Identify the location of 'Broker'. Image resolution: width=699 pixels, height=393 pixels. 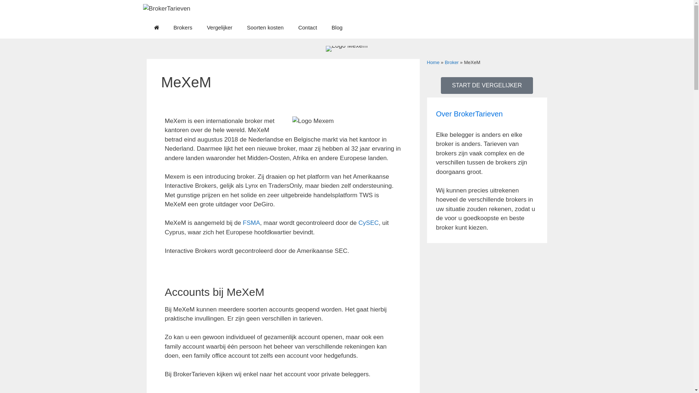
(451, 62).